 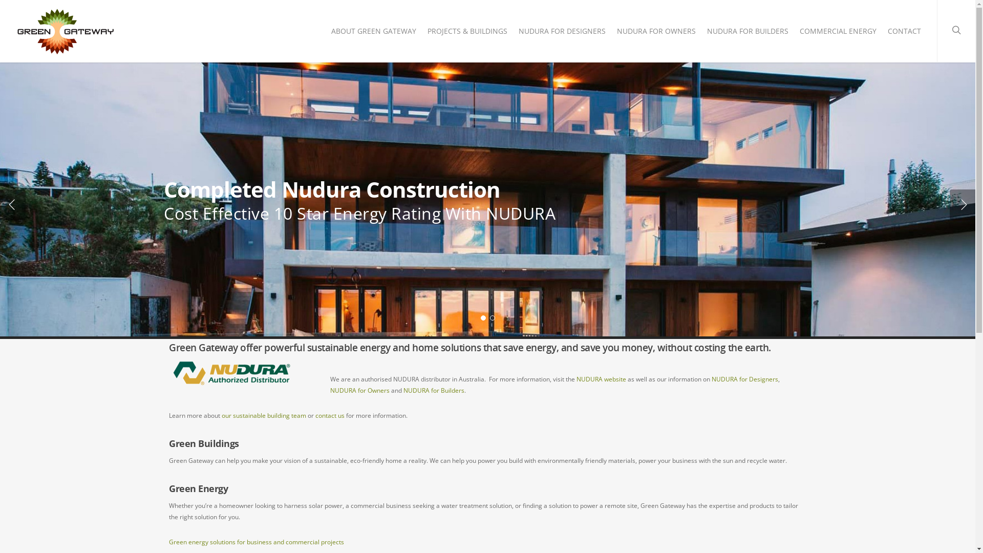 I want to click on 'NUDURA website', so click(x=601, y=379).